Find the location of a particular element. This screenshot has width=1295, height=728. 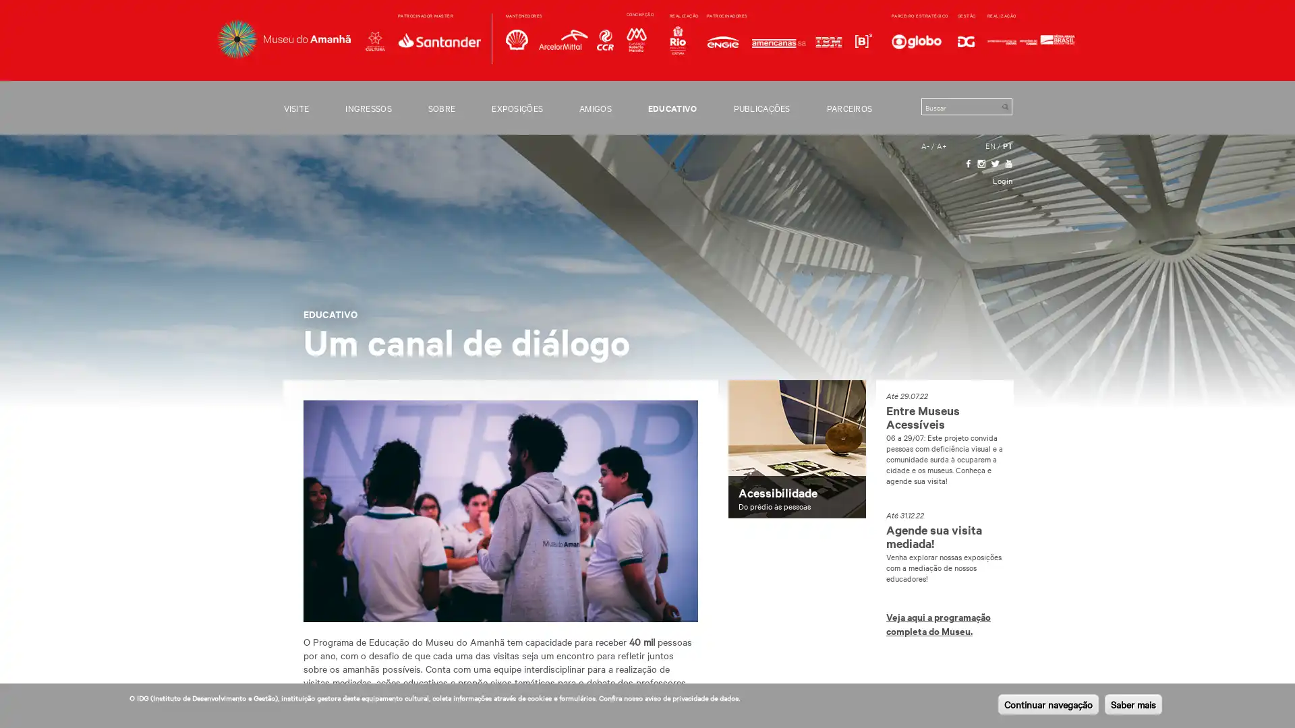

Continuar navegacao is located at coordinates (1047, 704).